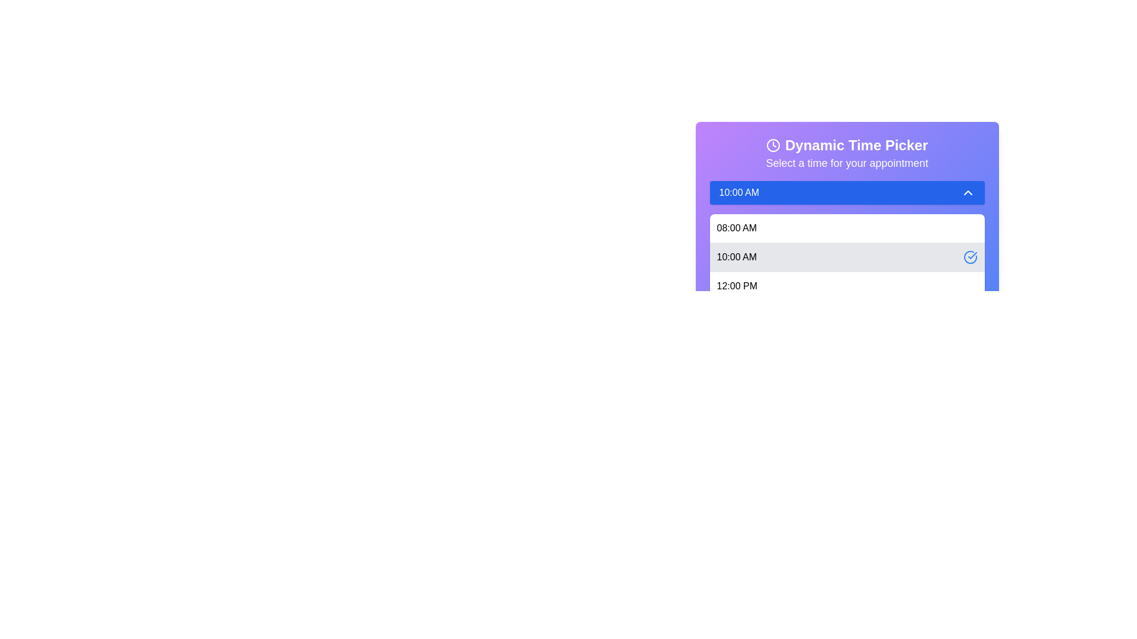 The width and height of the screenshot is (1137, 639). What do you see at coordinates (972, 255) in the screenshot?
I see `the checkmark icon indicating the selected '10:00 AM' time slot, positioned at the right end of the corresponding row in the dropdown` at bounding box center [972, 255].